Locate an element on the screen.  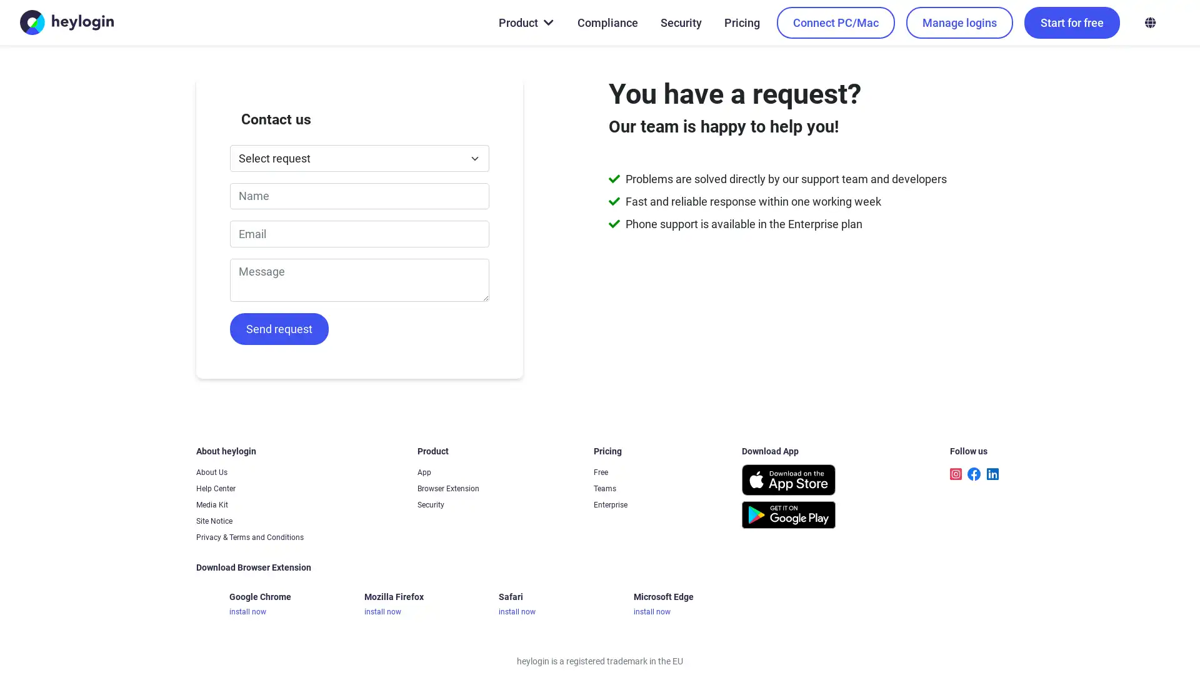
Send request is located at coordinates (278, 328).